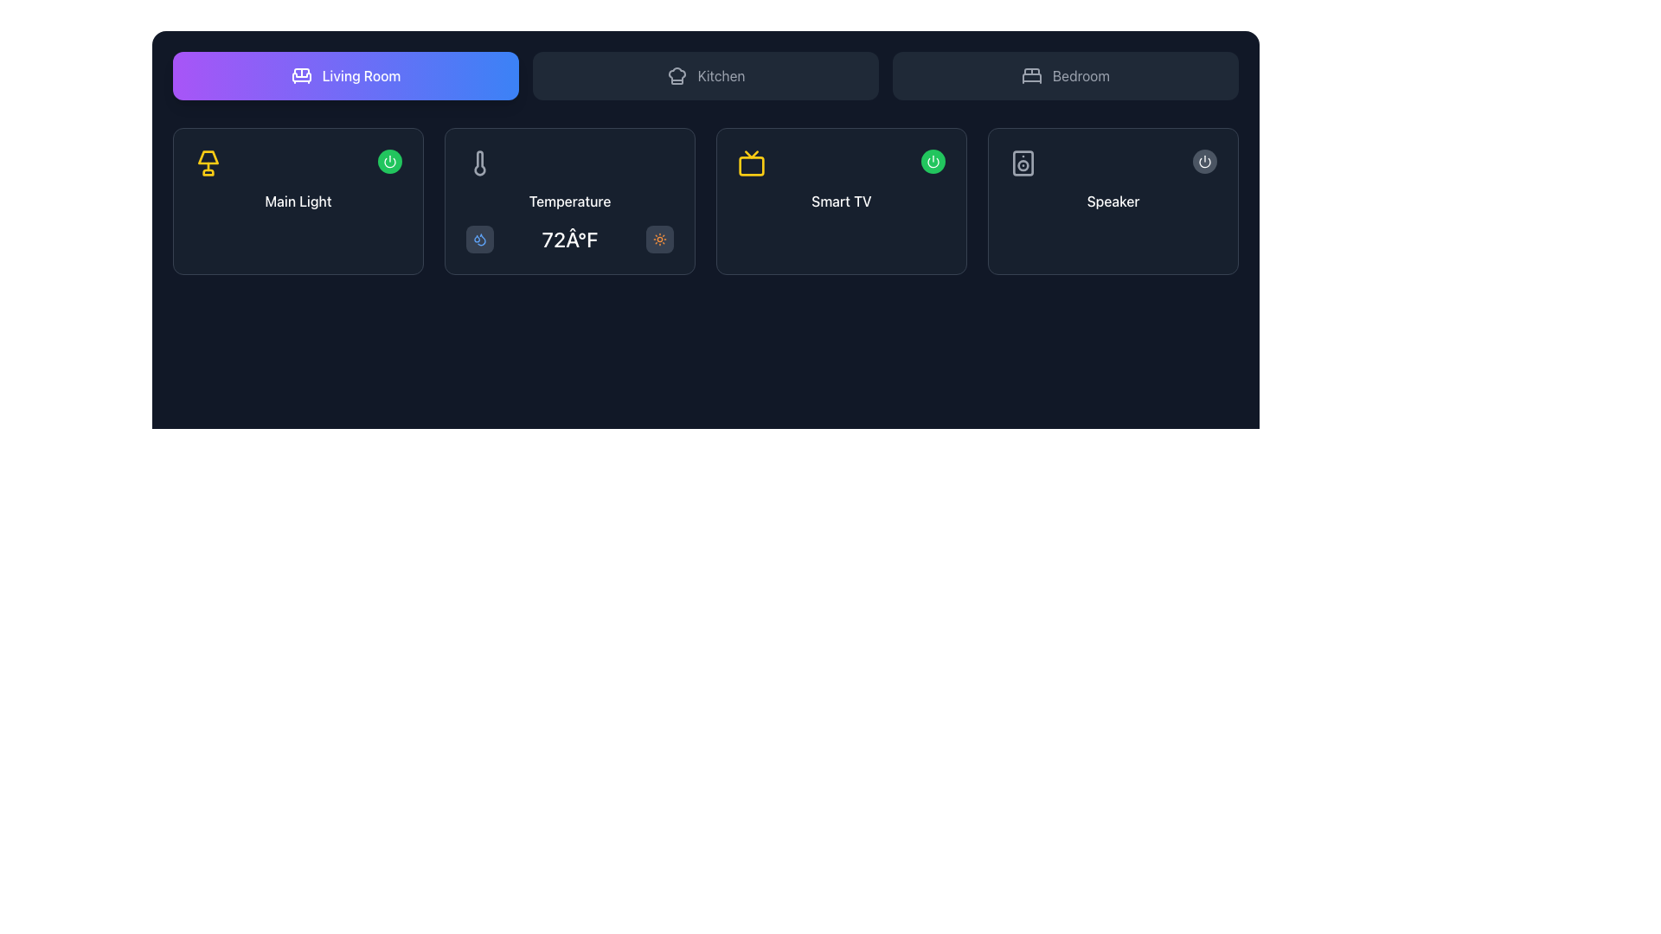 The image size is (1661, 934). Describe the element at coordinates (1032, 75) in the screenshot. I see `the 'Bedroom' icon located in the top-right navigation bar, which is to the left of the 'Bedroom' text` at that location.